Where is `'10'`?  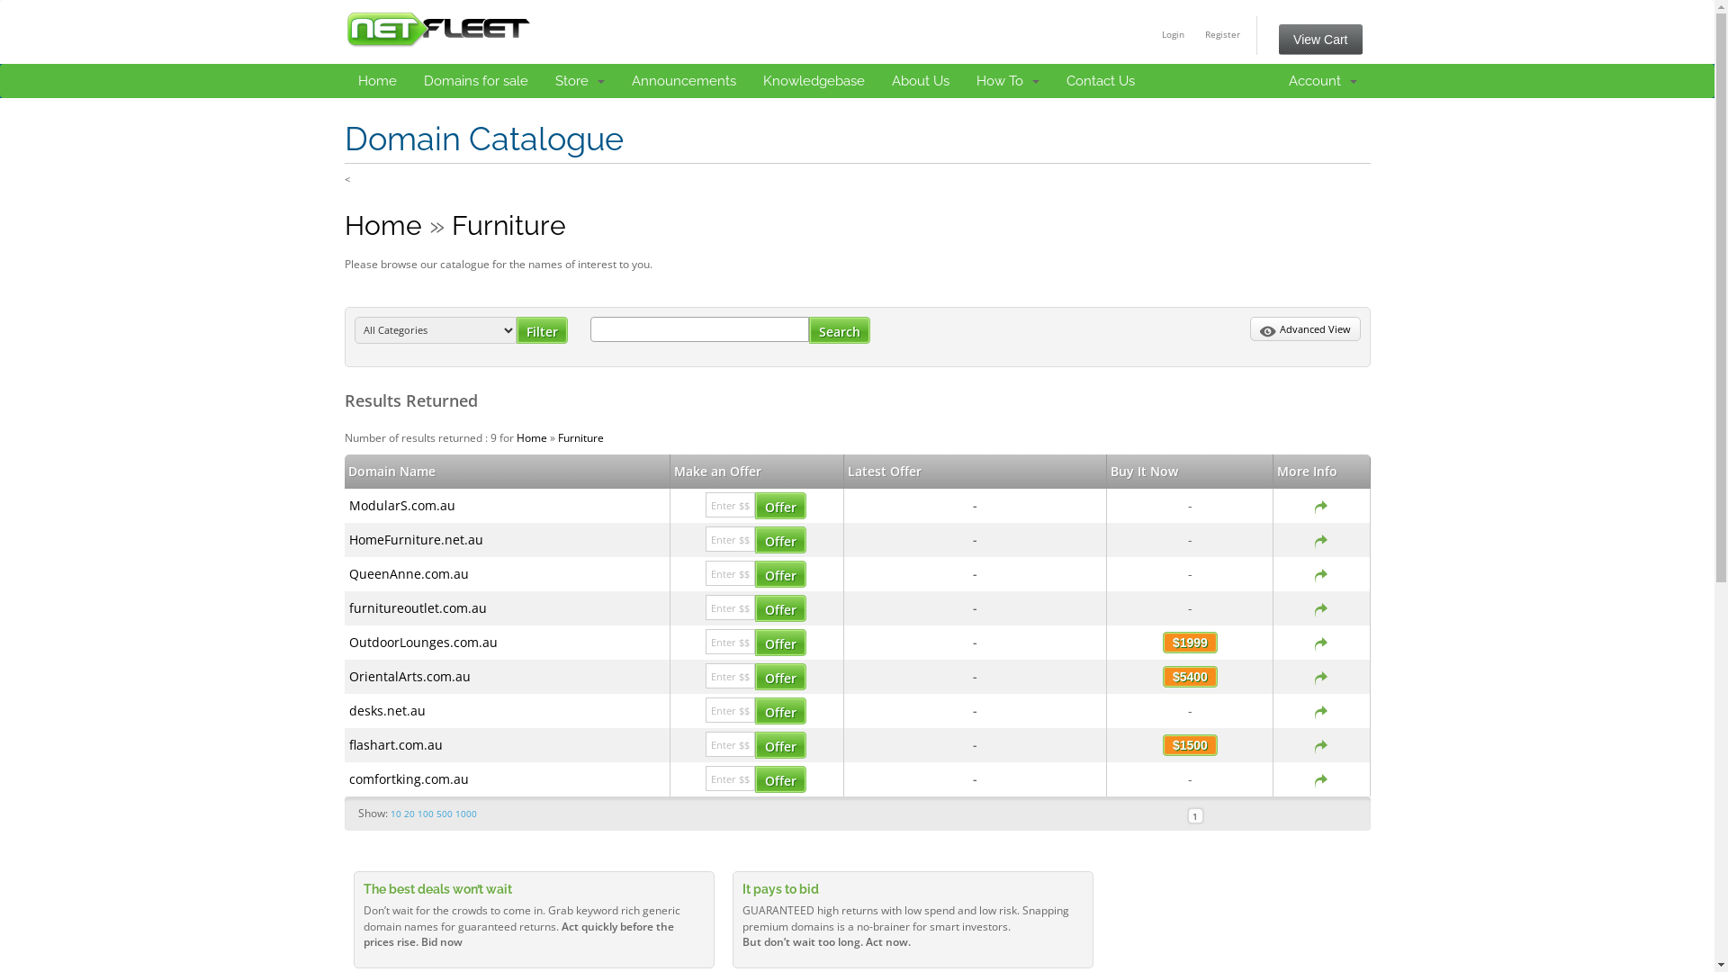 '10' is located at coordinates (395, 813).